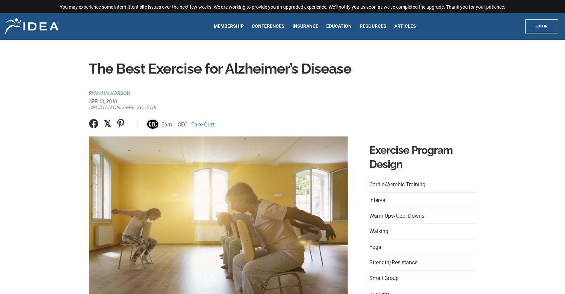 The height and width of the screenshot is (294, 565). What do you see at coordinates (384, 277) in the screenshot?
I see `'Small Group'` at bounding box center [384, 277].